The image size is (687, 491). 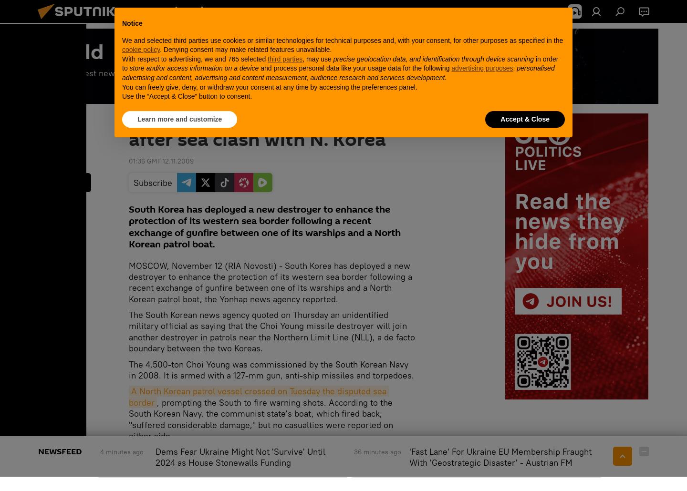 I want to click on 'You can freely give, deny, or withdraw your consent at any time by accessing the preferences panel.', so click(x=270, y=87).